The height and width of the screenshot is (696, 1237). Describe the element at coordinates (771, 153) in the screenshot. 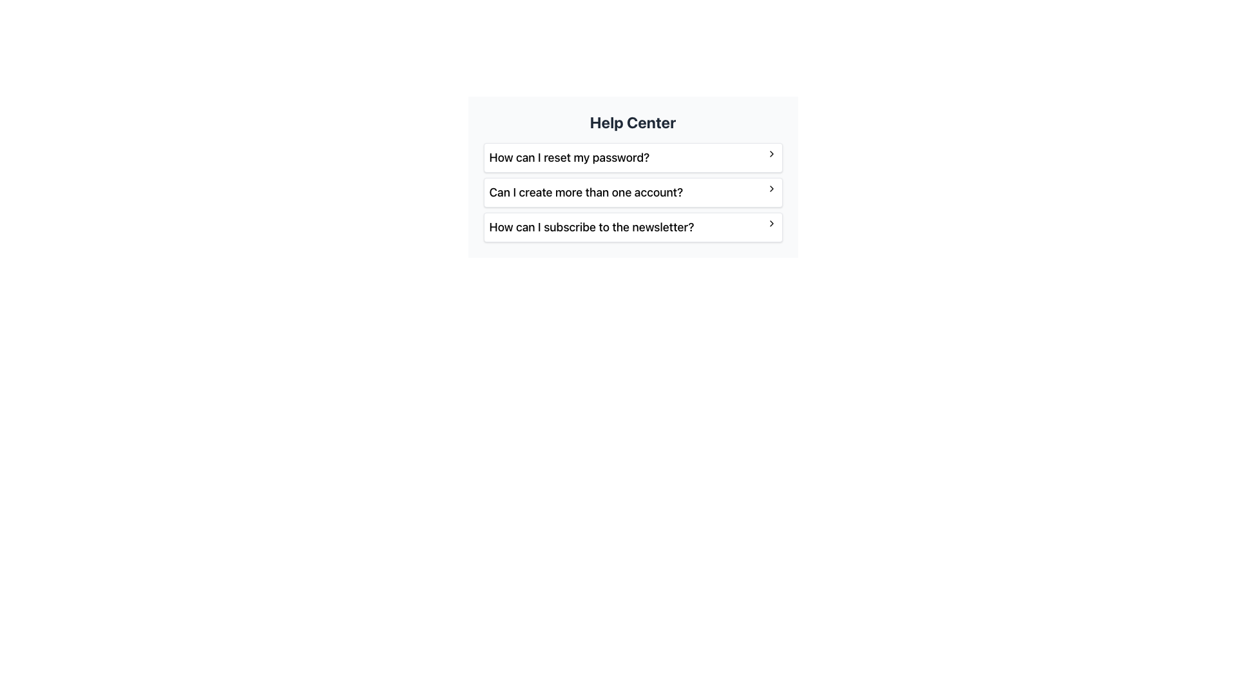

I see `the icon or toggle button located on the far right of the first row in the 'Help Center' list` at that location.